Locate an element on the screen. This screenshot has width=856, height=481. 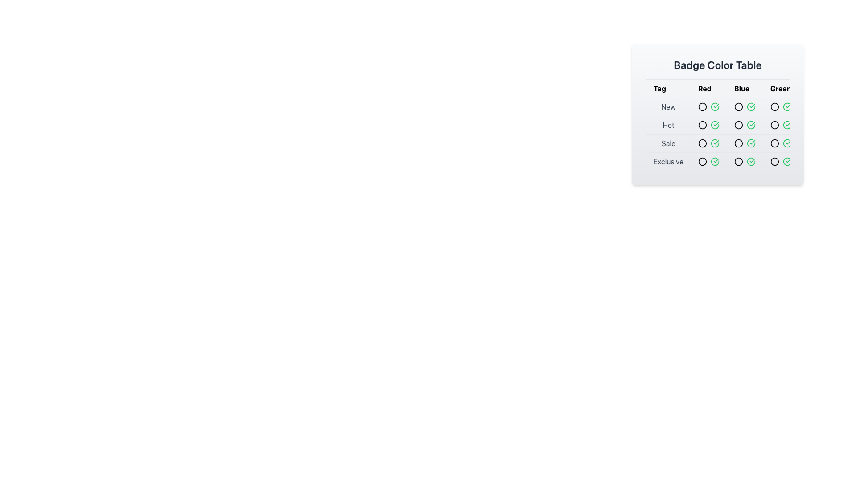
the status of the green circular icon with a checkmark inside located in the 'Badge Color Table' grid at the intersection of the 'New' row and 'Greer' column is located at coordinates (715, 106).